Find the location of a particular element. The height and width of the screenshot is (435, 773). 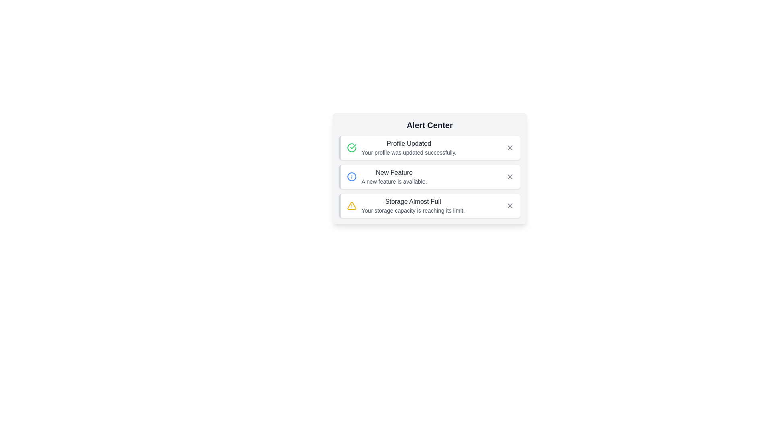

the second notification entry in the informational text block that describes a newly available feature is located at coordinates (394, 176).